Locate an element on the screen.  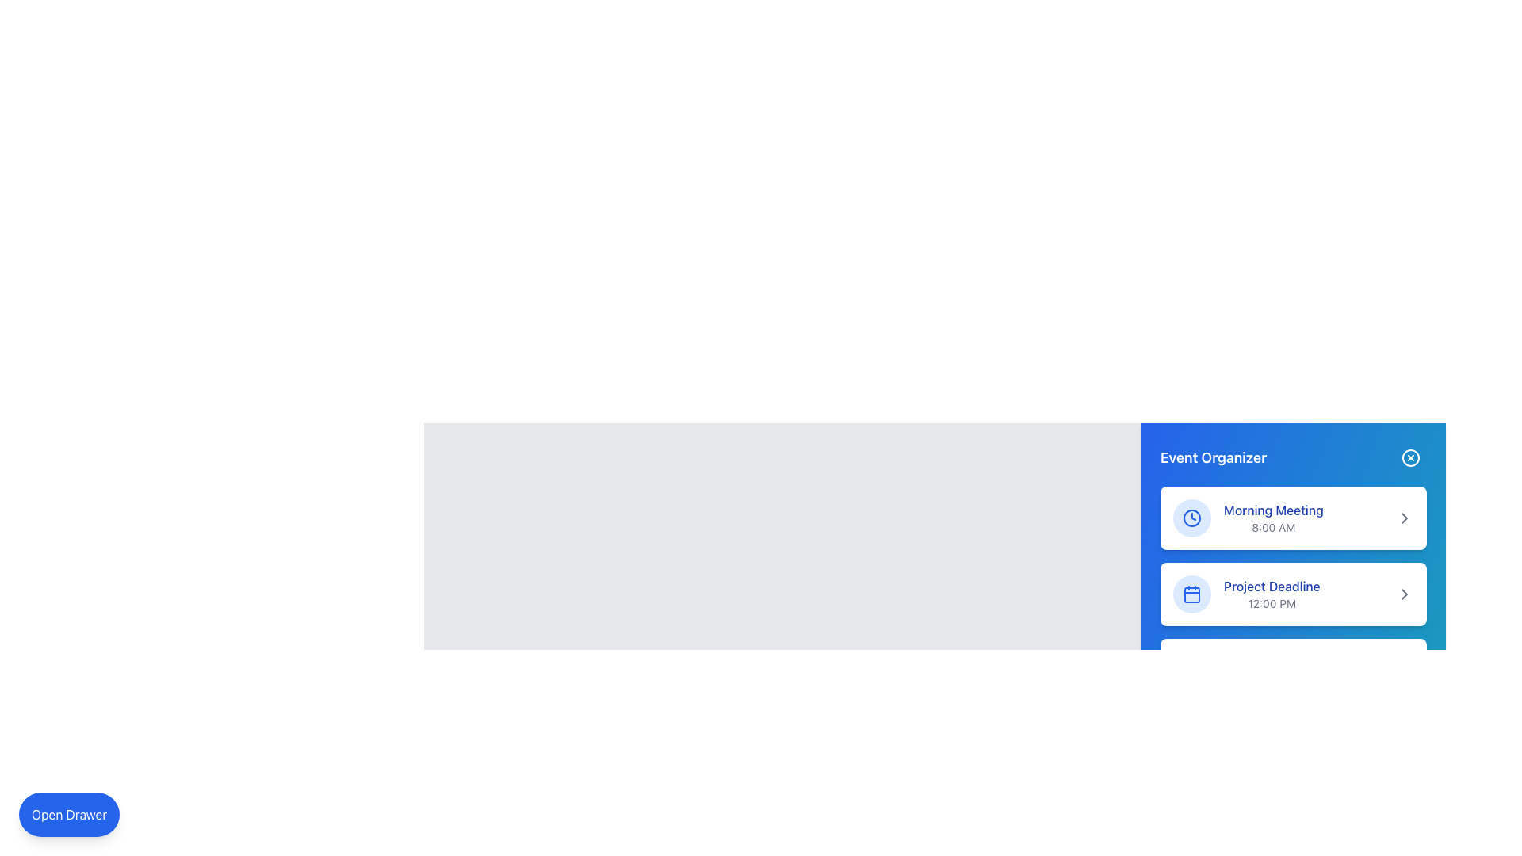
blue SVG circle representing the 'Morning Meeting' section in the Event Organizer card by clicking on it is located at coordinates (1191, 518).